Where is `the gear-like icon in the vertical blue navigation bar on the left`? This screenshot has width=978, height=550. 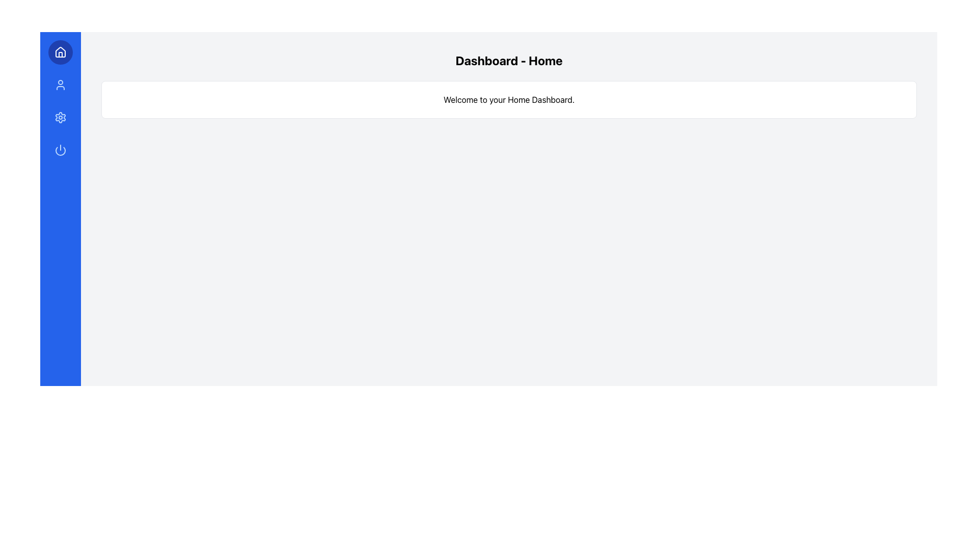
the gear-like icon in the vertical blue navigation bar on the left is located at coordinates (60, 117).